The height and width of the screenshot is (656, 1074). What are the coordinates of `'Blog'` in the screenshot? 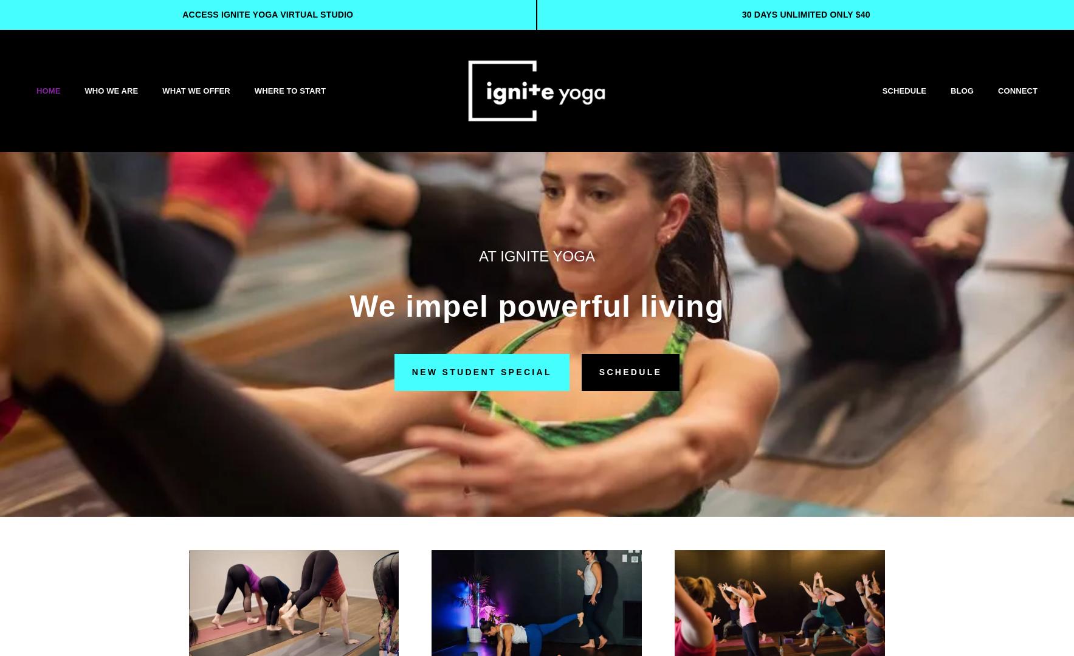 It's located at (962, 89).